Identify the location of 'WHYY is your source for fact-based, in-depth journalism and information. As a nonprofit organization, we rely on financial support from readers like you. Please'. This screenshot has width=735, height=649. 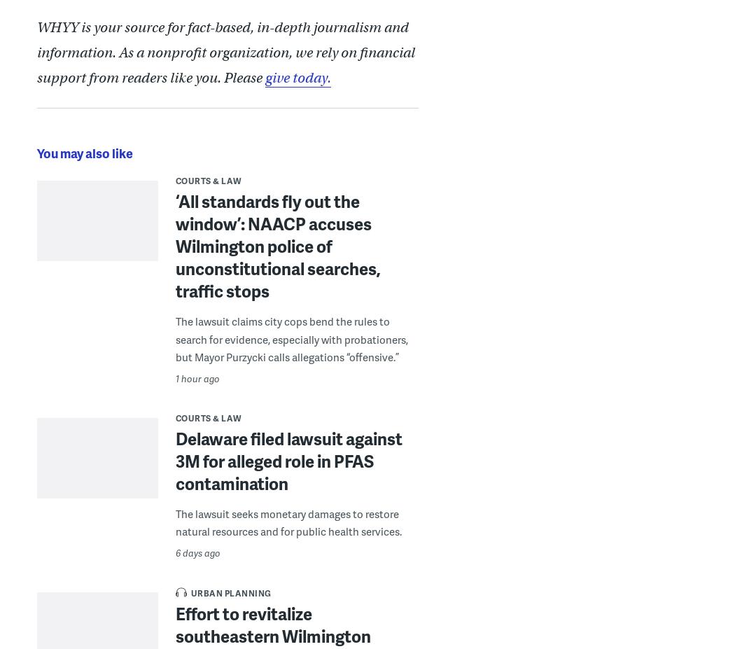
(35, 51).